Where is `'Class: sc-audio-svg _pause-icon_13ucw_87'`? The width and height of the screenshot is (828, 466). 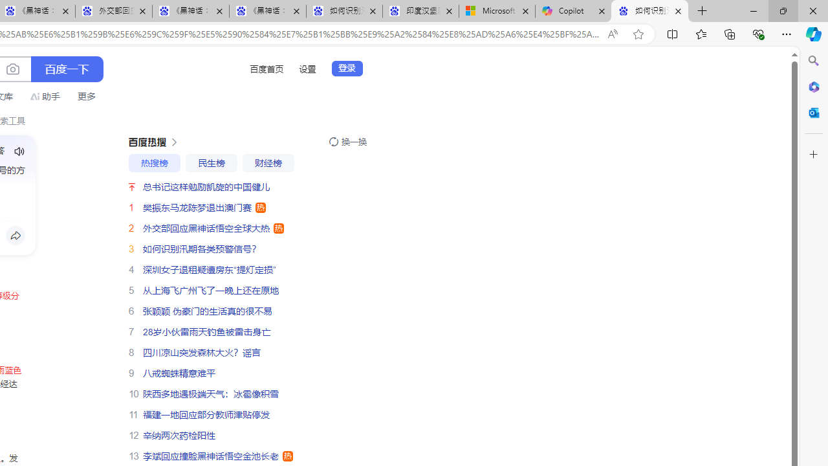 'Class: sc-audio-svg _pause-icon_13ucw_87' is located at coordinates (19, 151).